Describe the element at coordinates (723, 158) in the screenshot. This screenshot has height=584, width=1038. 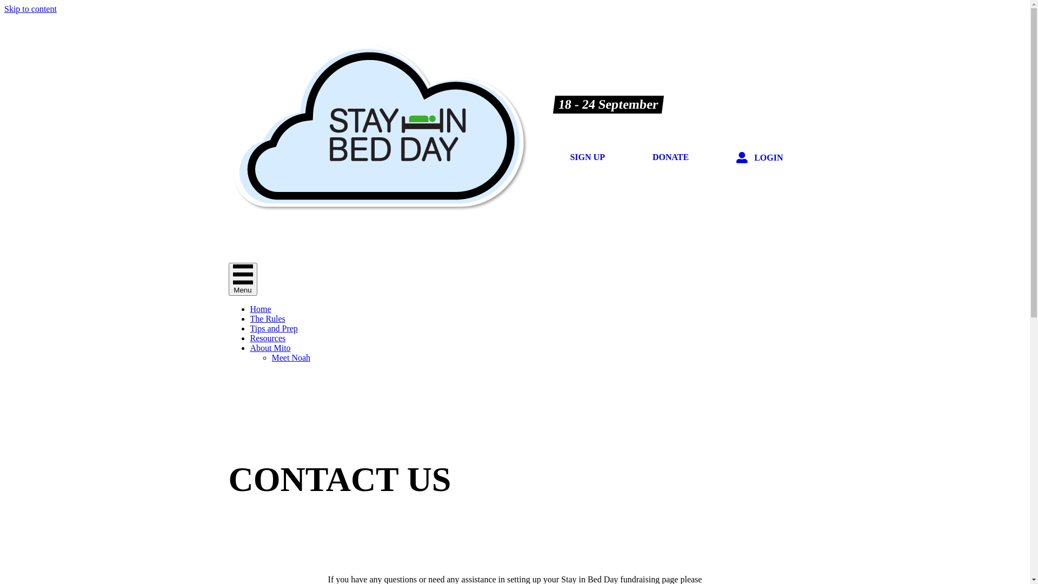
I see `'LOGIN'` at that location.